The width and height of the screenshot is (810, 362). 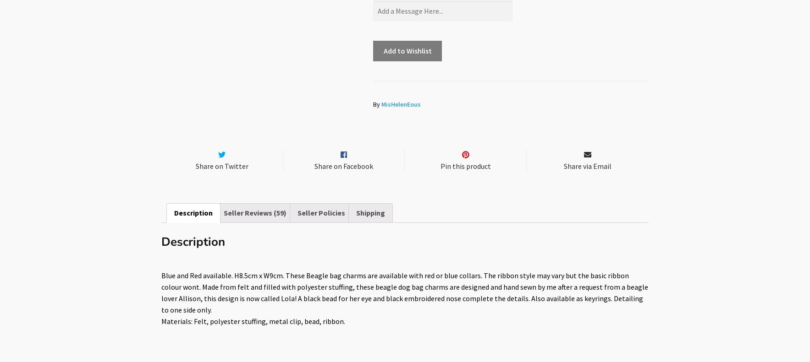 What do you see at coordinates (401, 103) in the screenshot?
I see `'MisHelenEous'` at bounding box center [401, 103].